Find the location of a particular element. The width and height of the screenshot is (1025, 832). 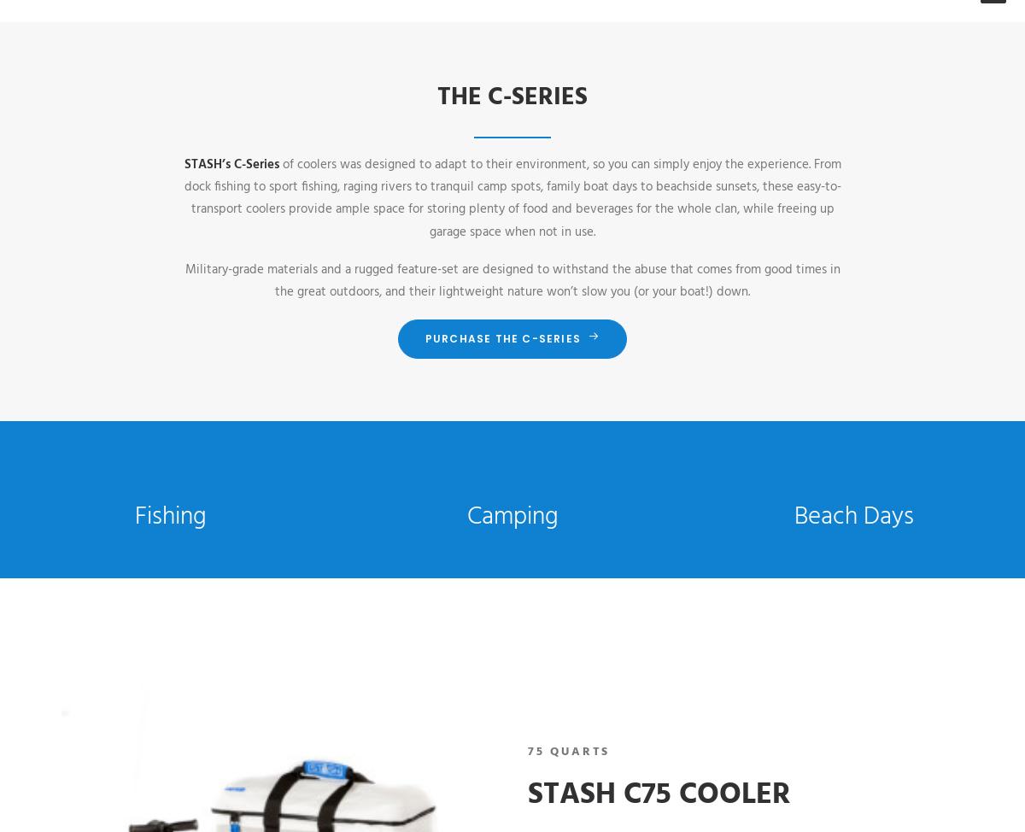

'Beach Days' is located at coordinates (853, 515).